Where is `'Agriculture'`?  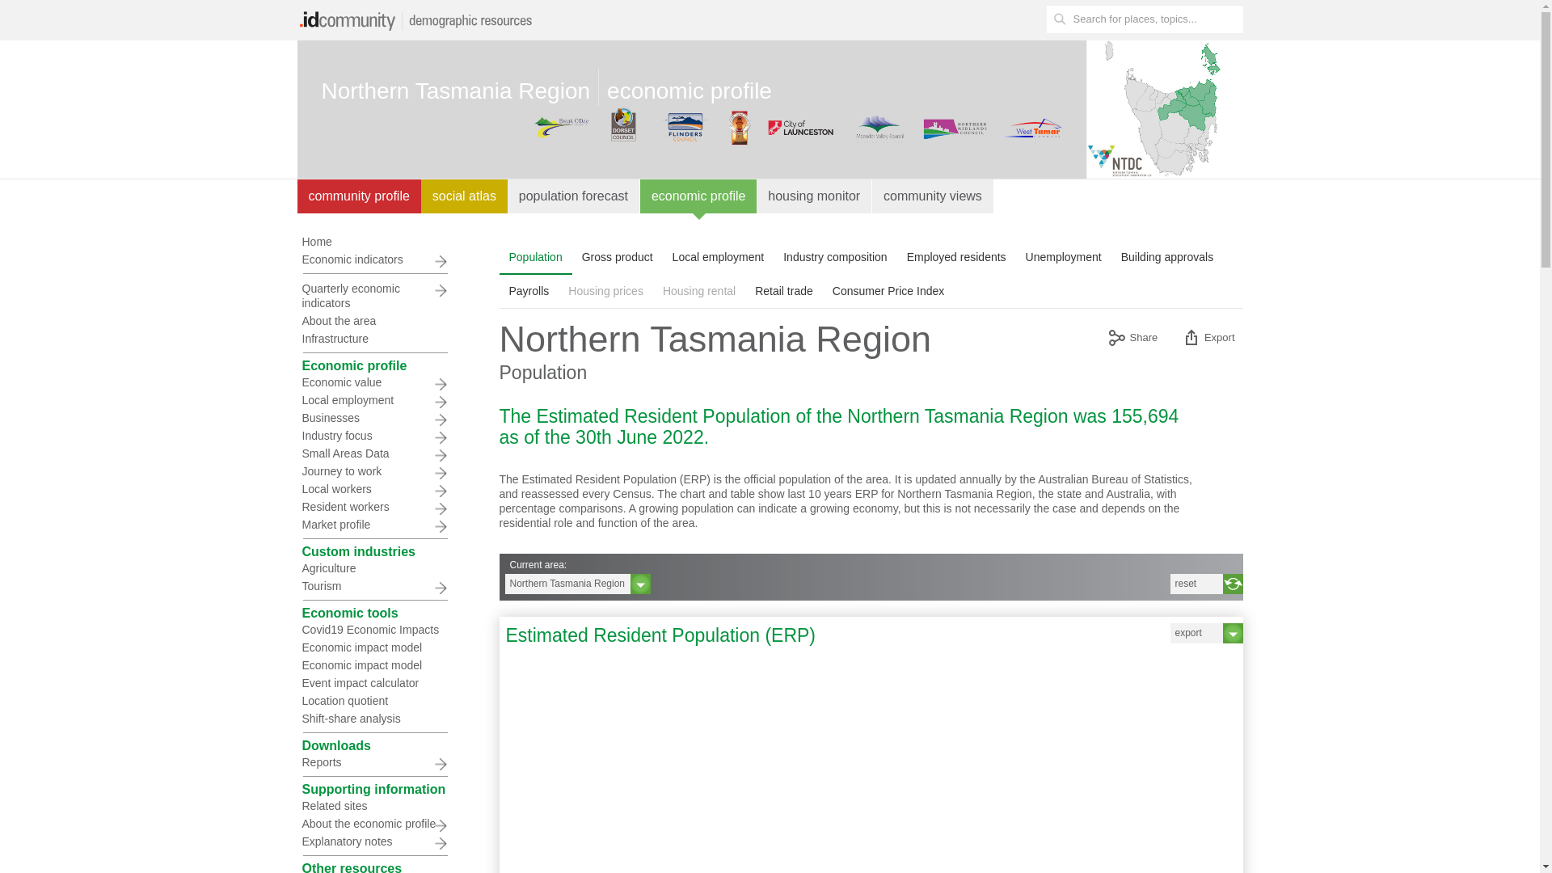
'Agriculture' is located at coordinates (373, 567).